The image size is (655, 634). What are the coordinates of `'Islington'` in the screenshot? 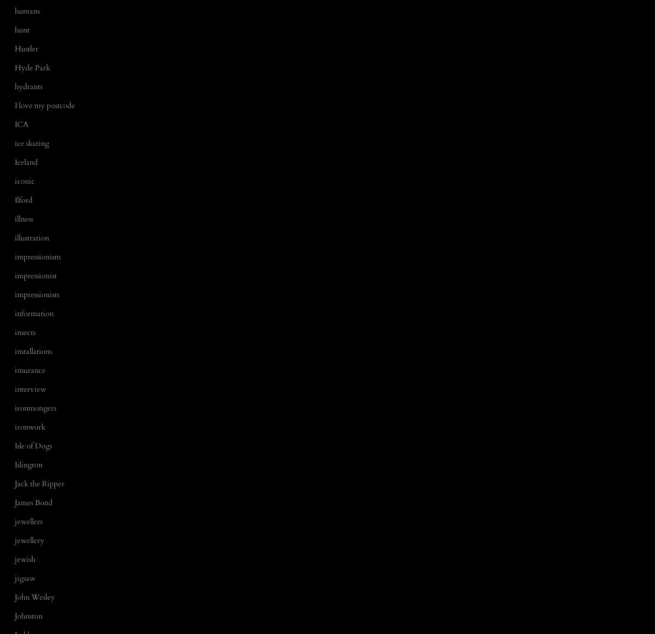 It's located at (28, 464).